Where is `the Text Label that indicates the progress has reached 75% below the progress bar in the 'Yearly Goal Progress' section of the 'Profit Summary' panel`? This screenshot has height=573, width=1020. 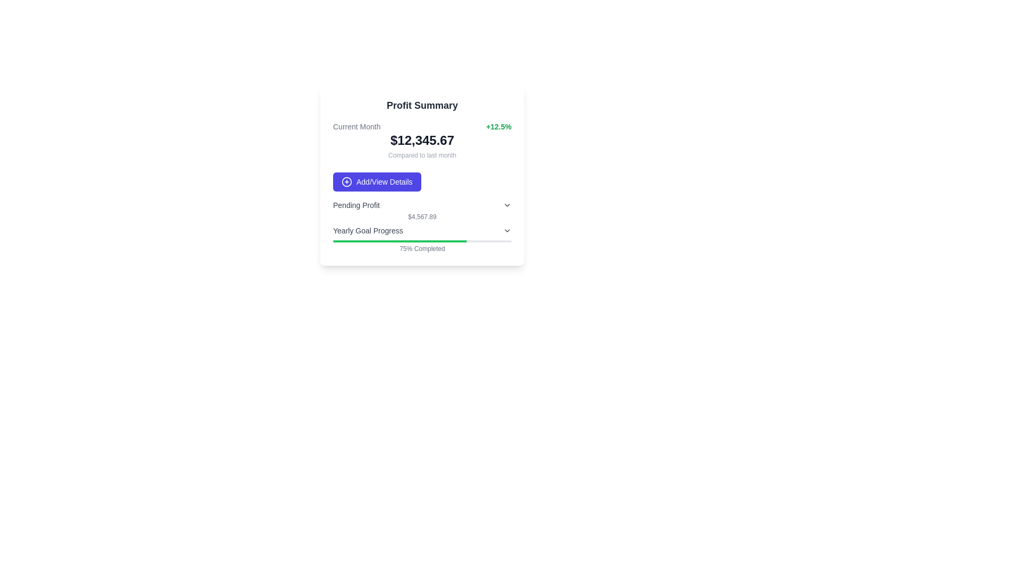 the Text Label that indicates the progress has reached 75% below the progress bar in the 'Yearly Goal Progress' section of the 'Profit Summary' panel is located at coordinates (422, 249).